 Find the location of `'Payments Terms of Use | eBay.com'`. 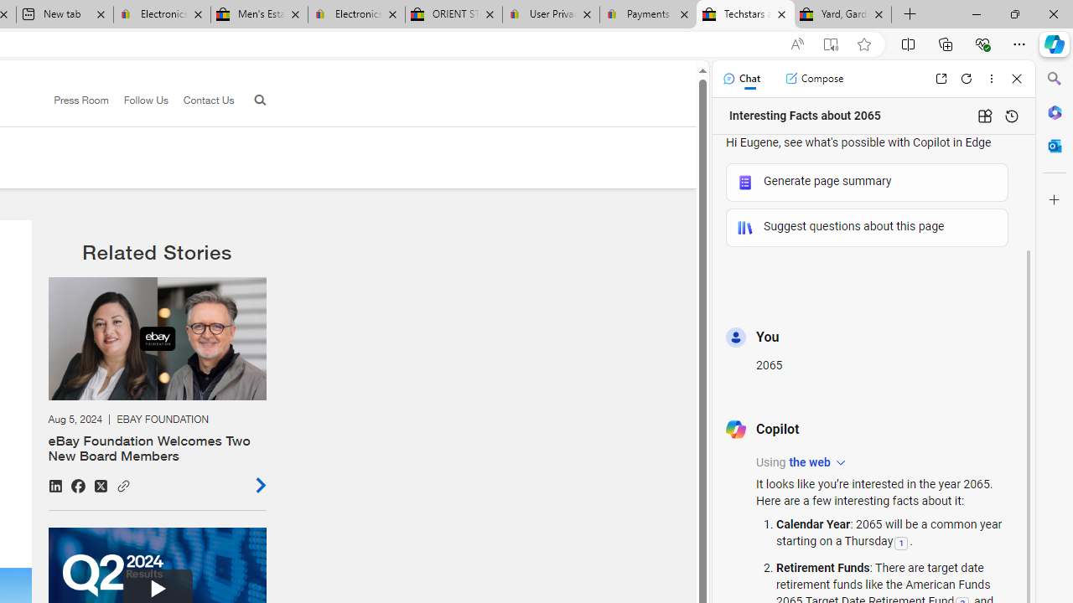

'Payments Terms of Use | eBay.com' is located at coordinates (647, 14).